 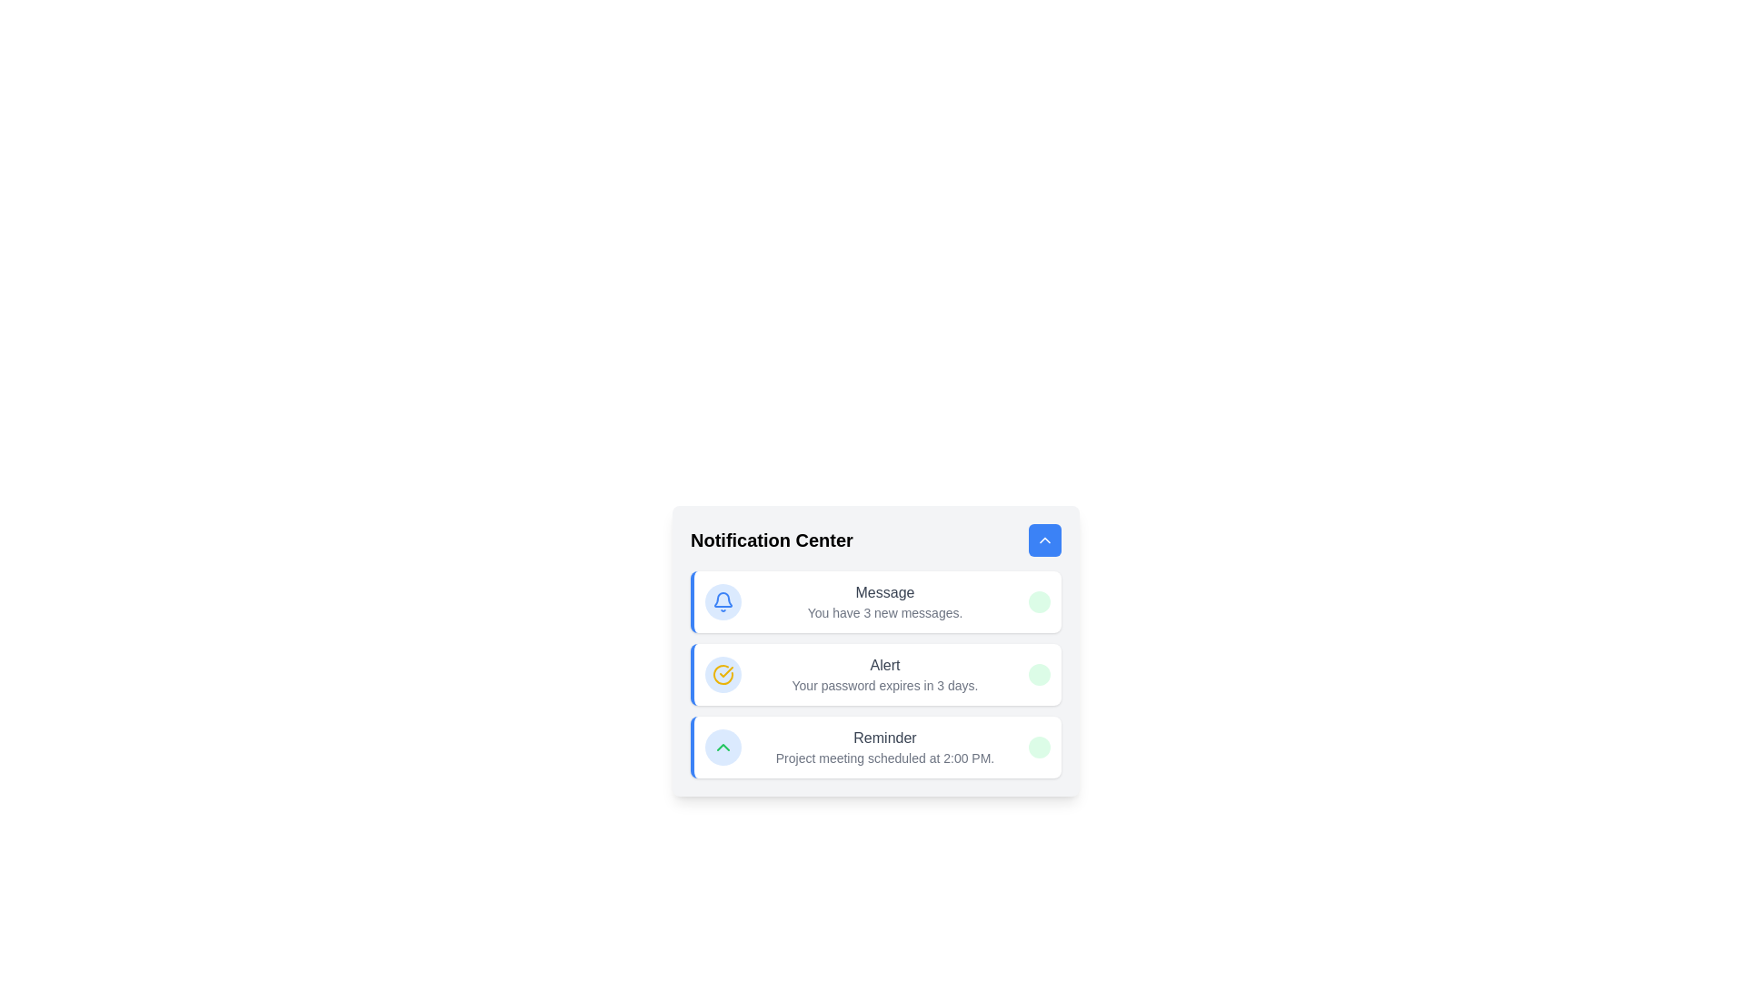 I want to click on the title 'Notification Center' in the Header section located at the top of the card-like layout, which contains a blue rounded button on the right, so click(x=876, y=539).